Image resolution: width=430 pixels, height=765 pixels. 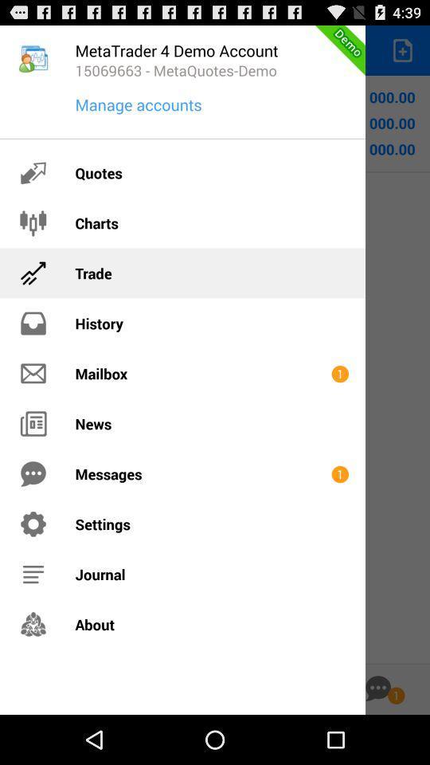 I want to click on the chat icon, so click(x=377, y=736).